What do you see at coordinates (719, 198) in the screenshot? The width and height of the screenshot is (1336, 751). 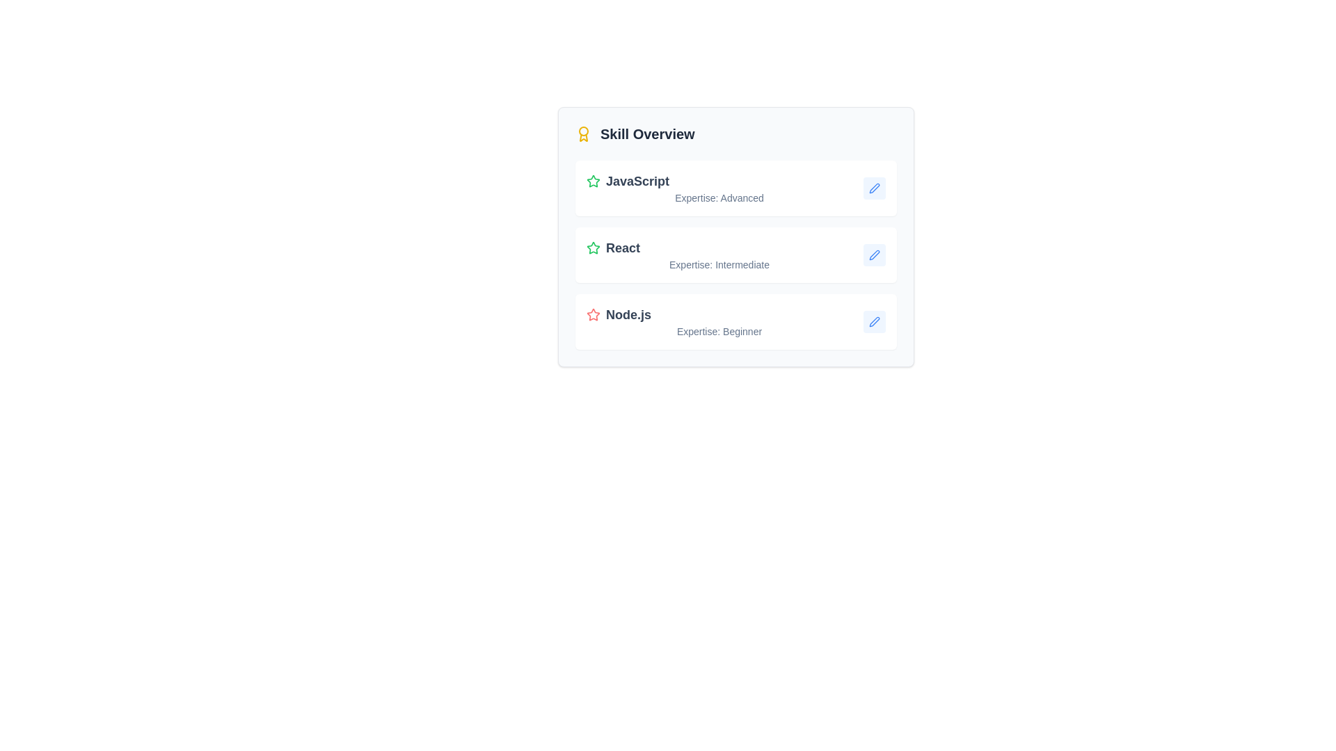 I see `text content of the label displaying 'Expertise: Advanced', which is styled in a smaller font size and grayish color, located below the 'JavaScript' label` at bounding box center [719, 198].